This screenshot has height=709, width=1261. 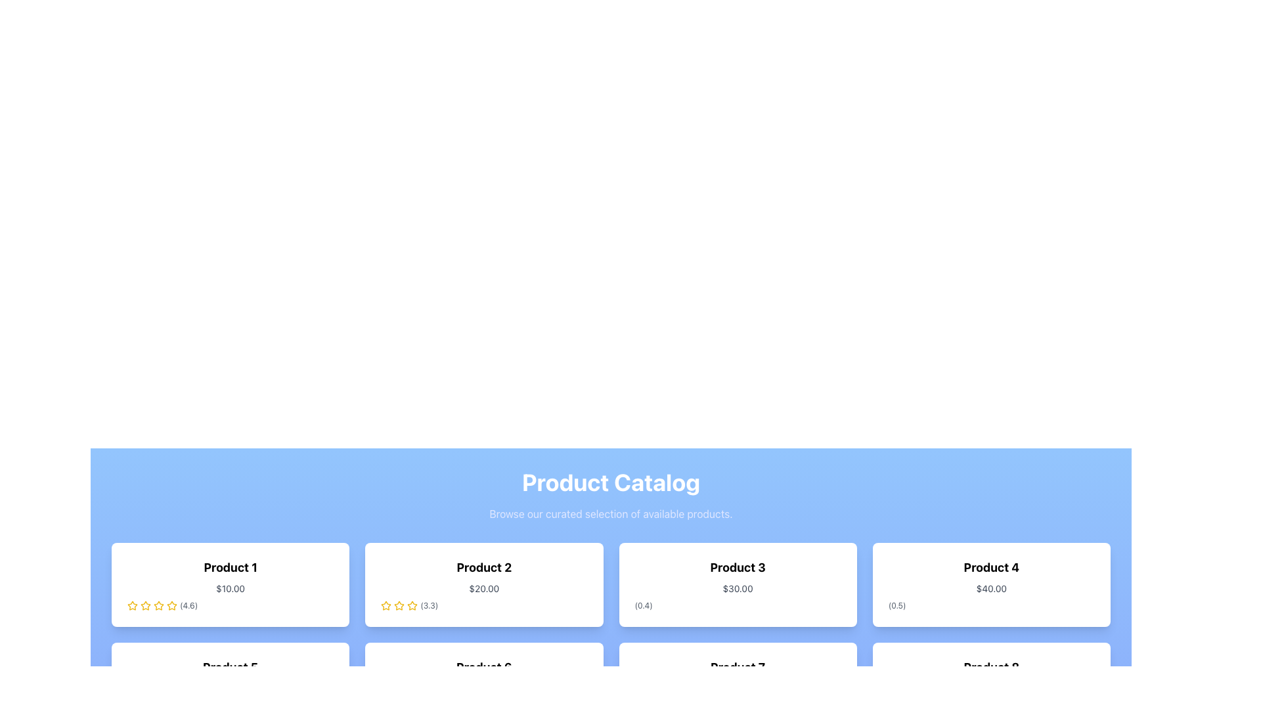 I want to click on the first star icon in the rating section under 'Product 1' to assign a rating, so click(x=158, y=605).